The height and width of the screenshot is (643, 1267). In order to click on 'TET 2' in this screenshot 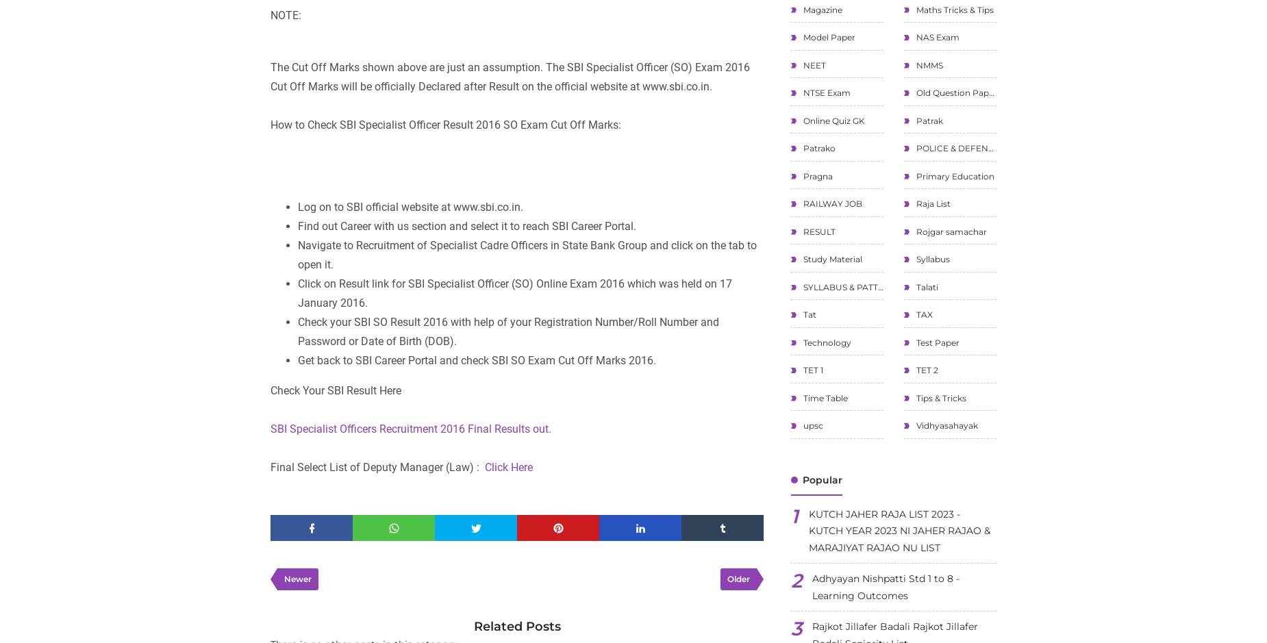, I will do `click(925, 370)`.